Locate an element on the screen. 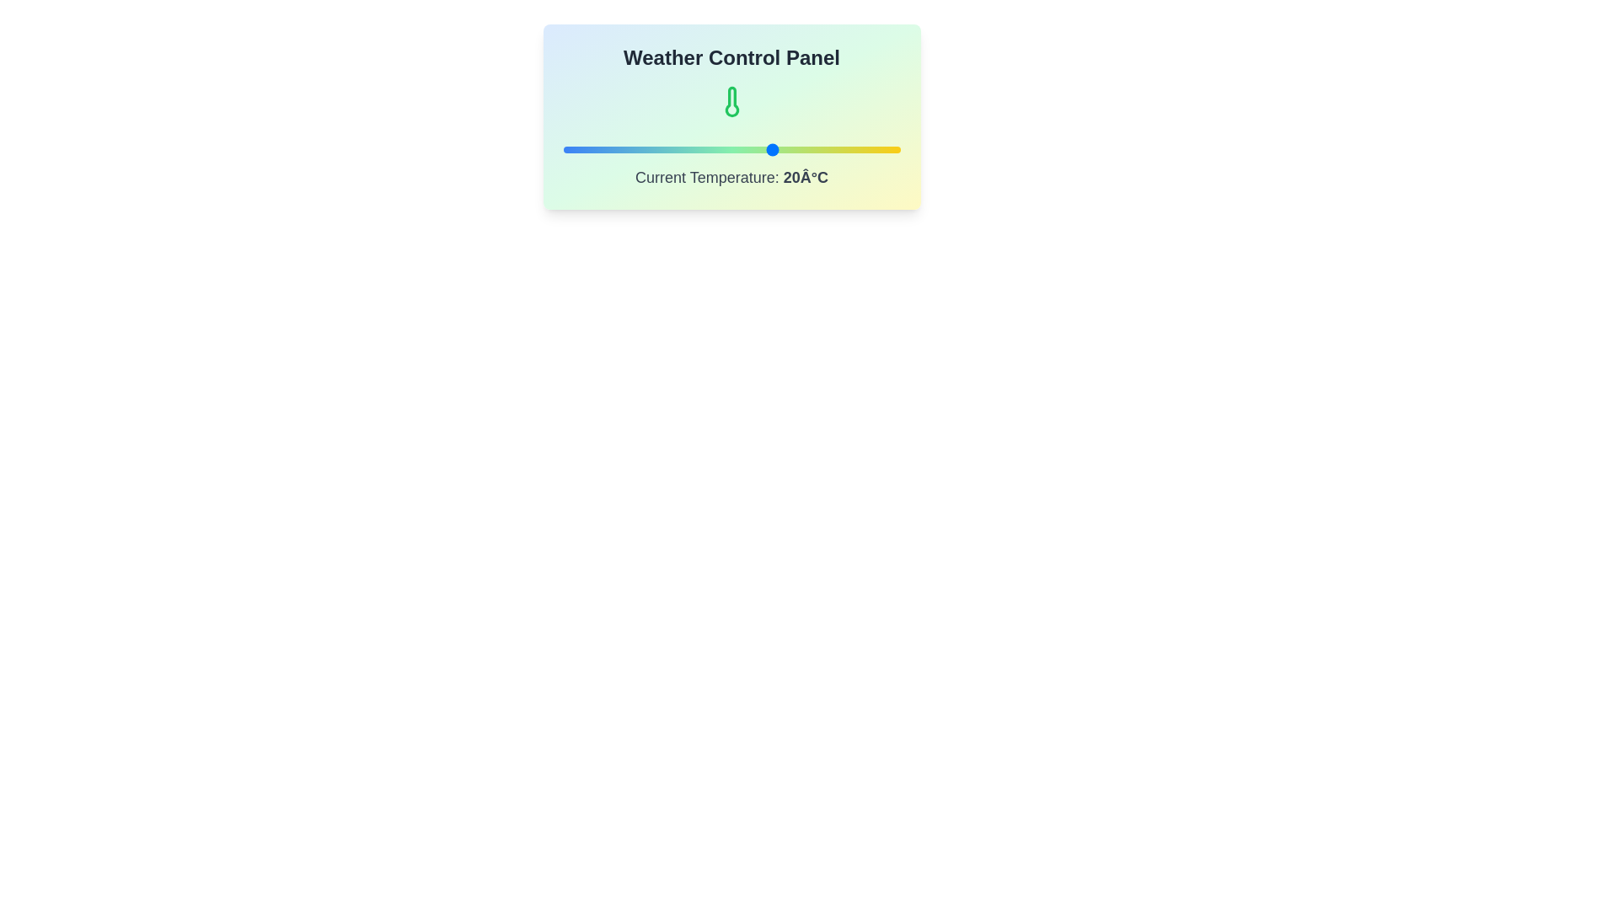  the temperature to 33°C using the slider is located at coordinates (828, 148).